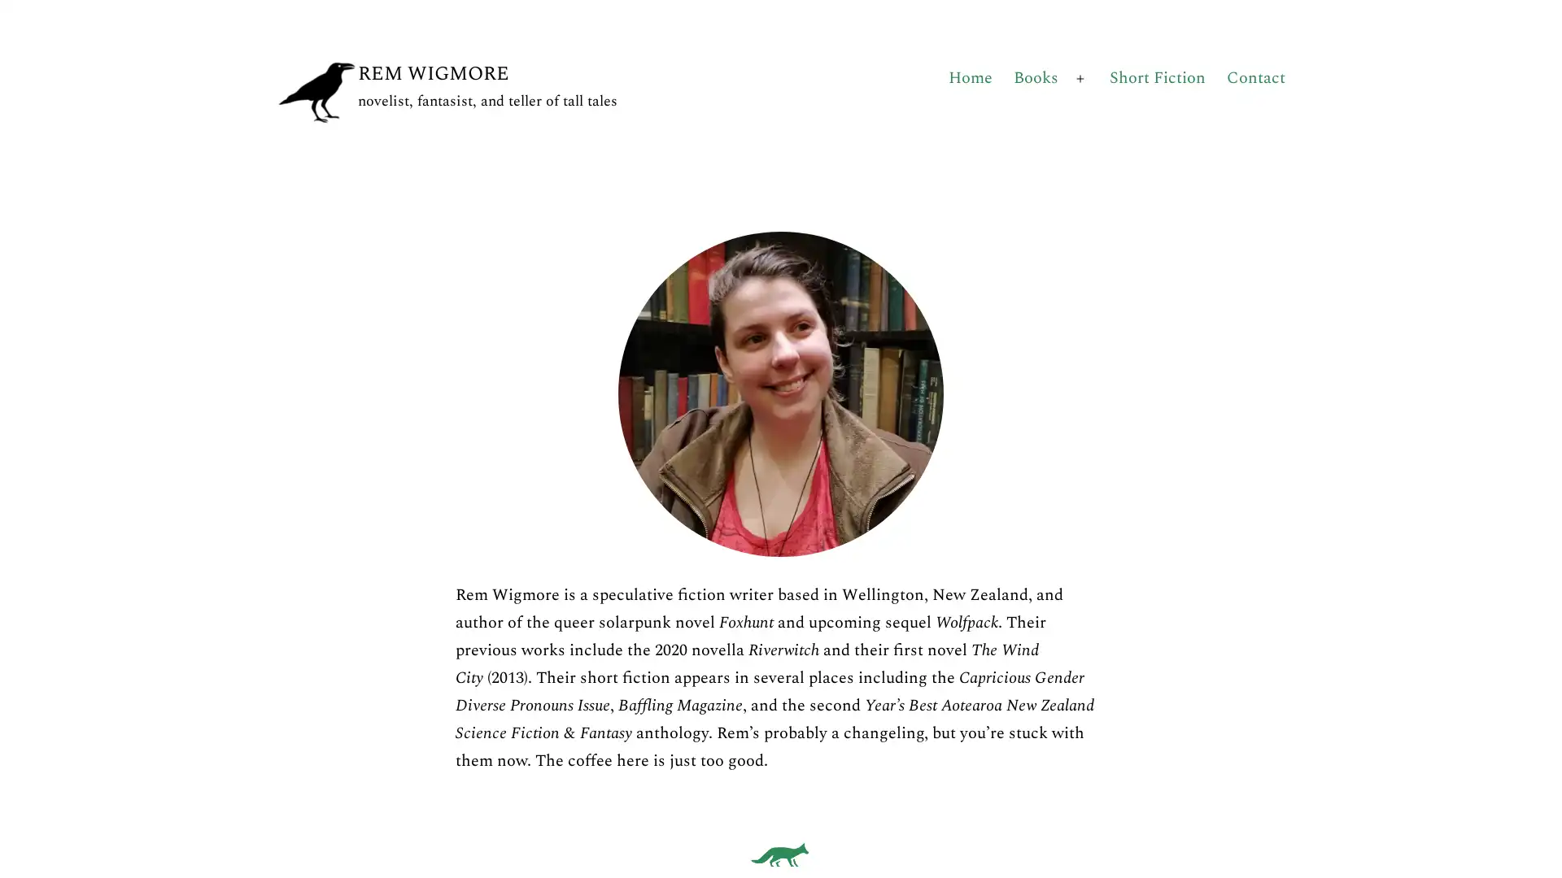  Describe the element at coordinates (1080, 78) in the screenshot. I see `Open menu` at that location.